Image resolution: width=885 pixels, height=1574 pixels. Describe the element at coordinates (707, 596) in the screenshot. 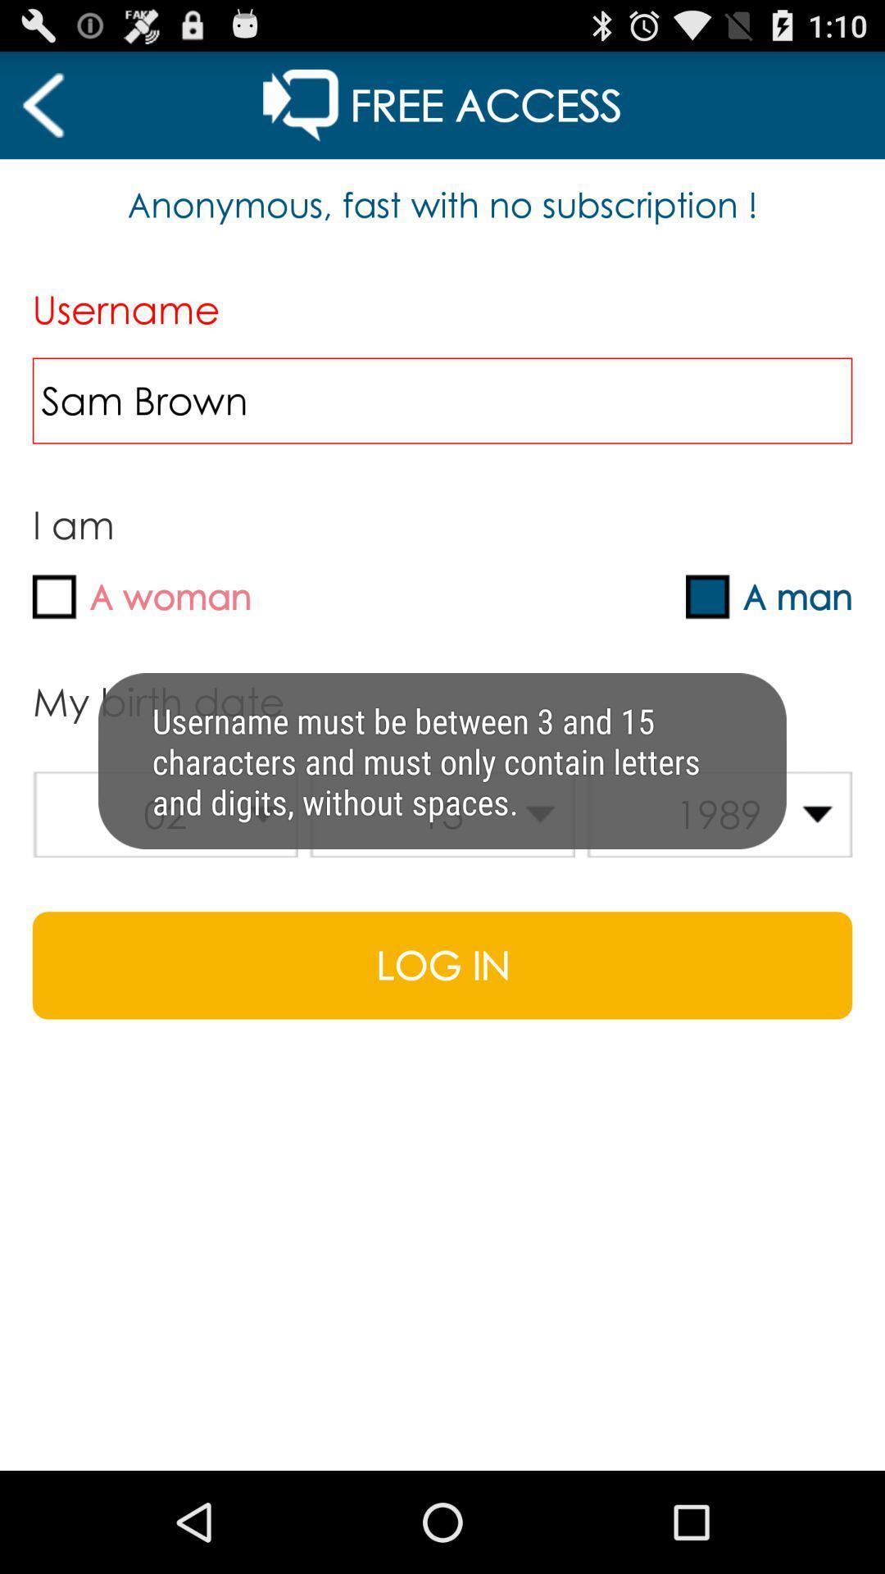

I see `check` at that location.